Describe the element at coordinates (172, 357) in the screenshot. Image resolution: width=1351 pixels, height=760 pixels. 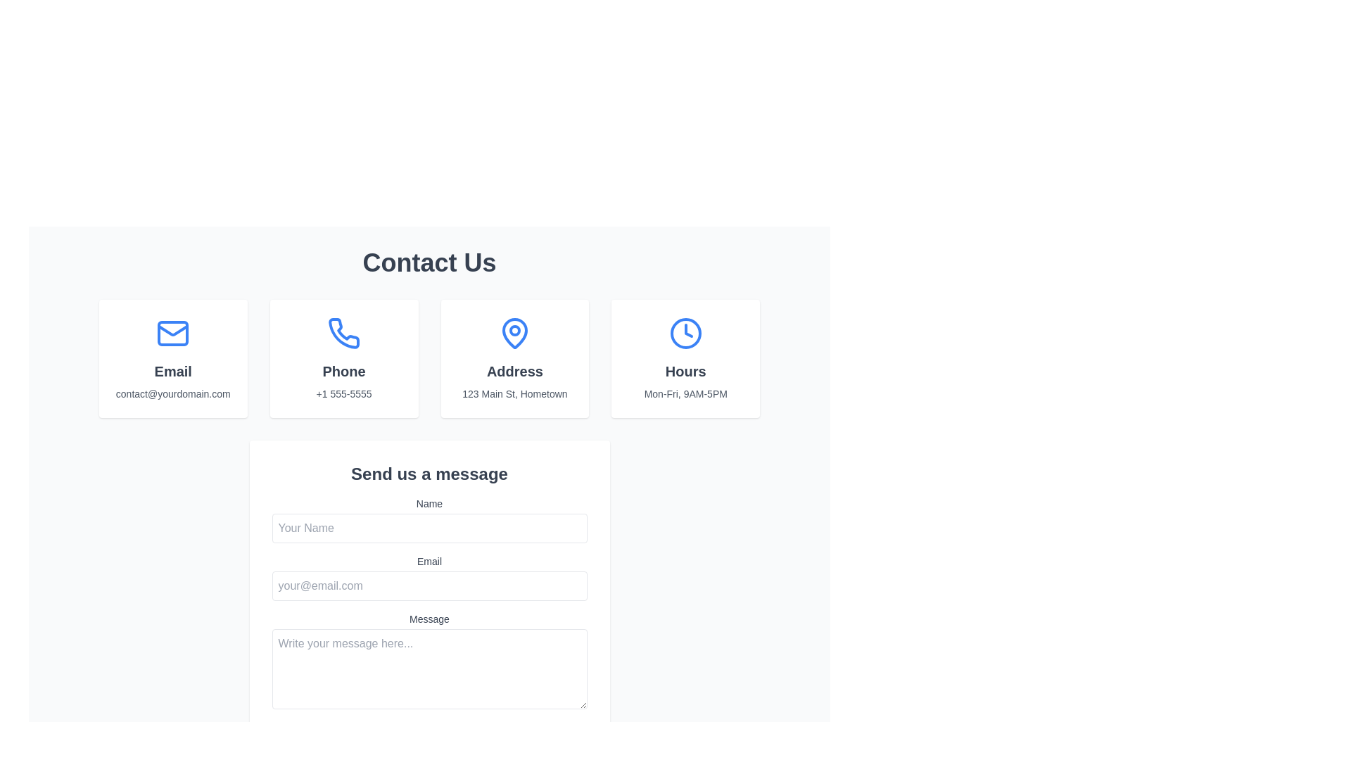
I see `email address displayed on the informational card located in the first column of the grid layout, specifically positioned in the top-left corner` at that location.